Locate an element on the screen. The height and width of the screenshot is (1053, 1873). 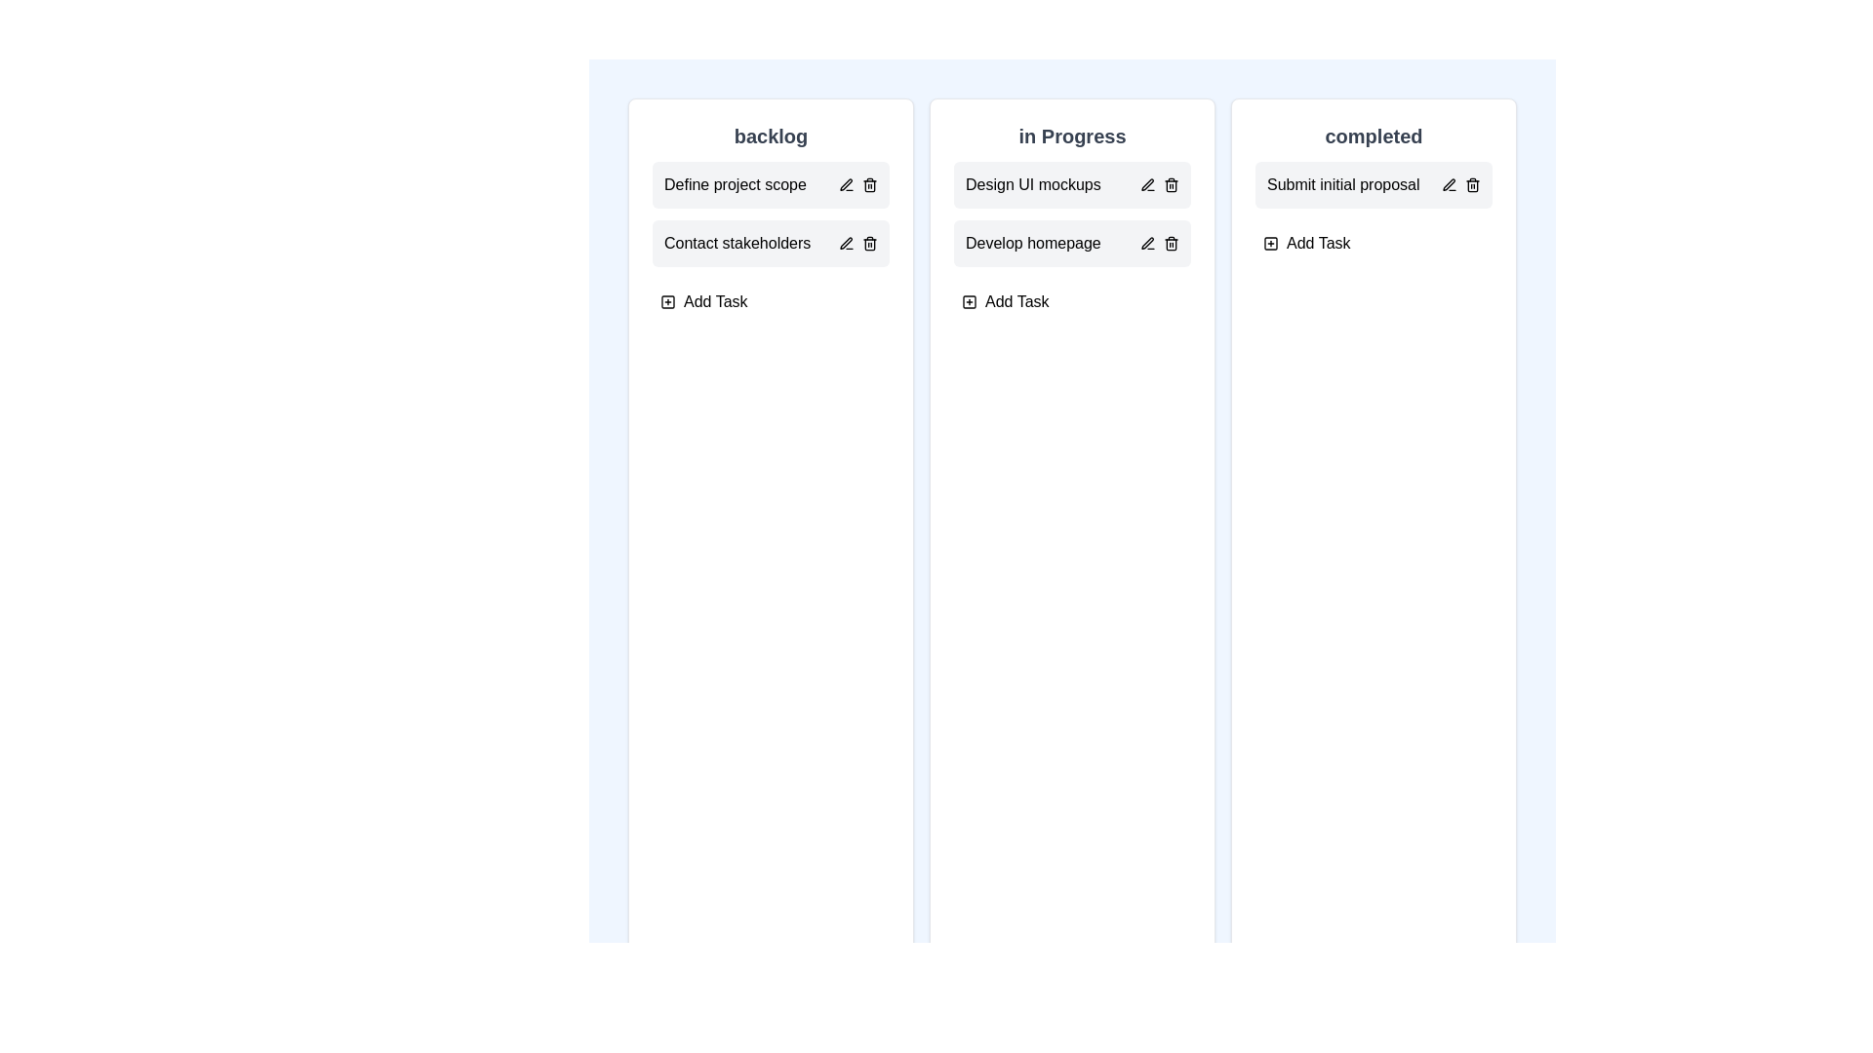
the 'Add Task' button in the inProgress column is located at coordinates (1005, 301).